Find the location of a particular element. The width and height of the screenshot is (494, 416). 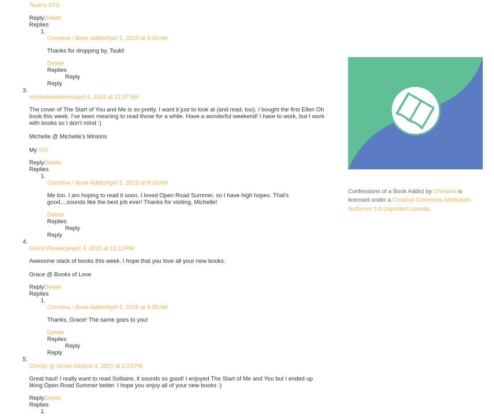

'Creative Commons Attribution-NoDerivs 3.0 Unported License' is located at coordinates (410, 204).